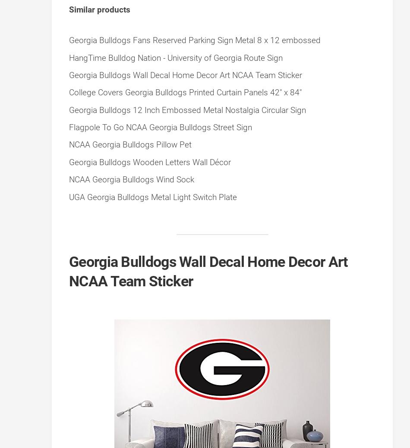  Describe the element at coordinates (175, 57) in the screenshot. I see `'HangTime Bulldog Nation - University of Georgia Route Sign'` at that location.